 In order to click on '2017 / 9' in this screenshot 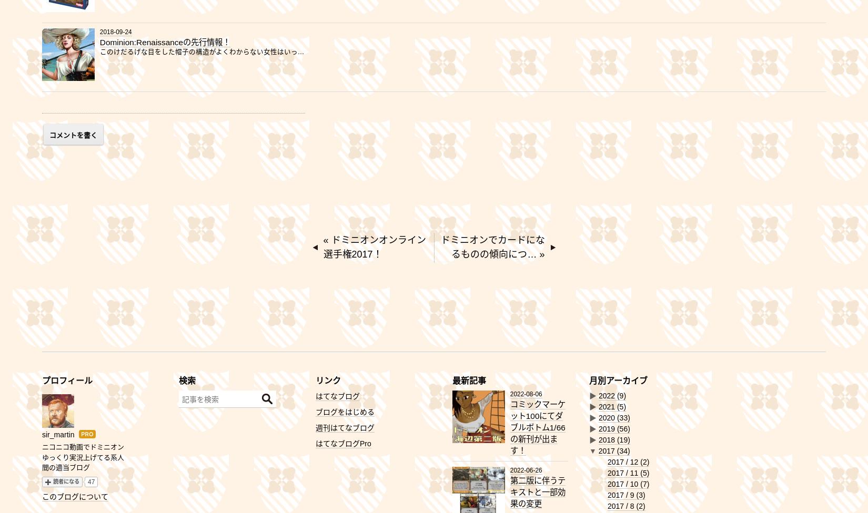, I will do `click(622, 495)`.